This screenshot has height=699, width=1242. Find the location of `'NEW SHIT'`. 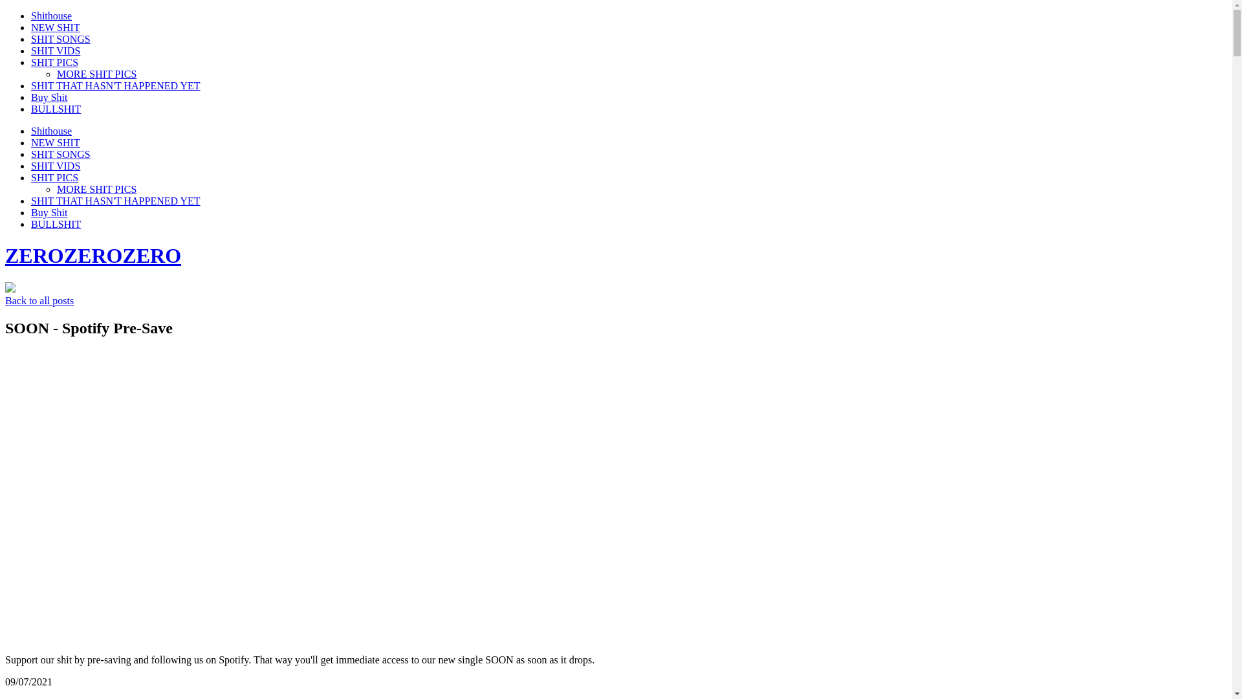

'NEW SHIT' is located at coordinates (55, 27).